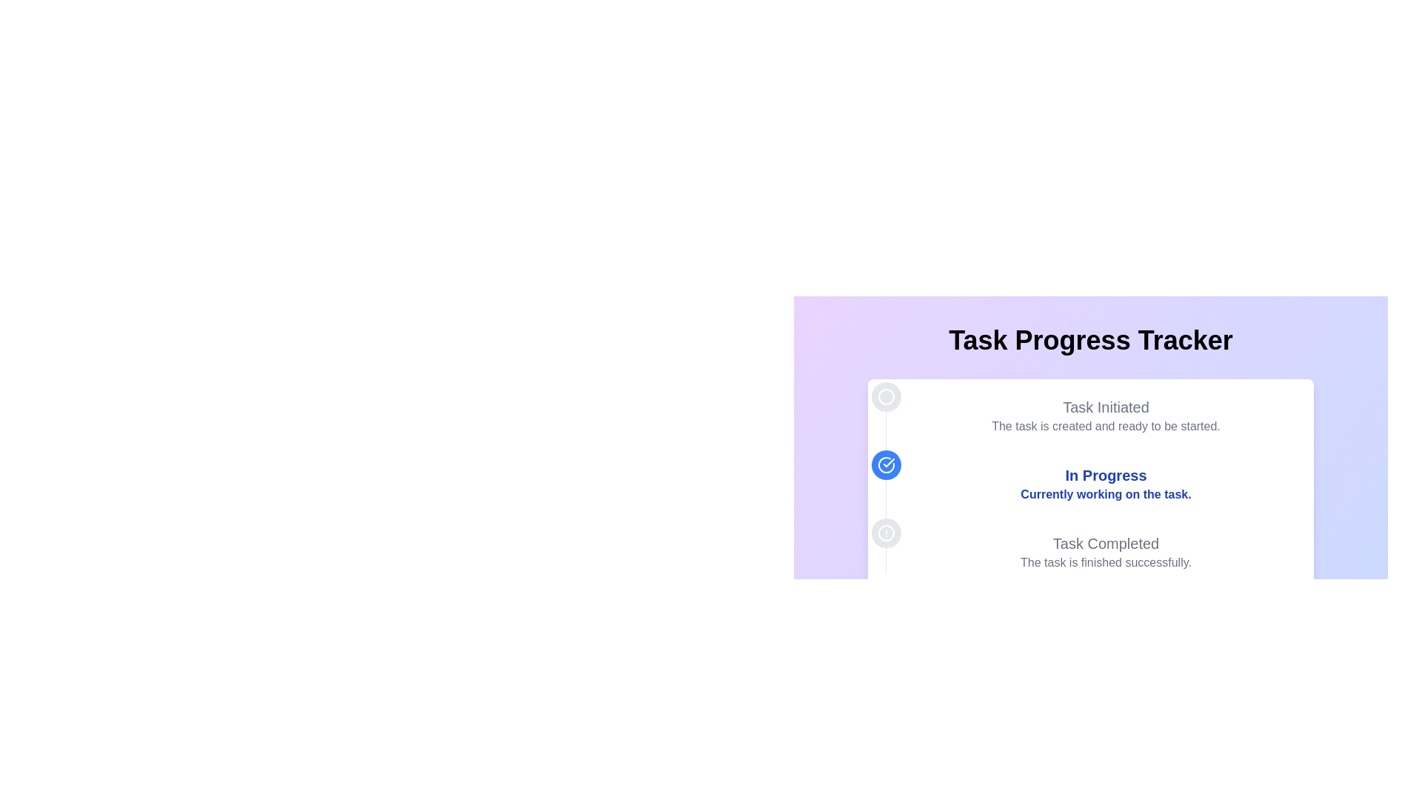  Describe the element at coordinates (887, 464) in the screenshot. I see `the circular blue icon with a white checkmark, located to the left of the 'In Progress' text block in the timeline` at that location.